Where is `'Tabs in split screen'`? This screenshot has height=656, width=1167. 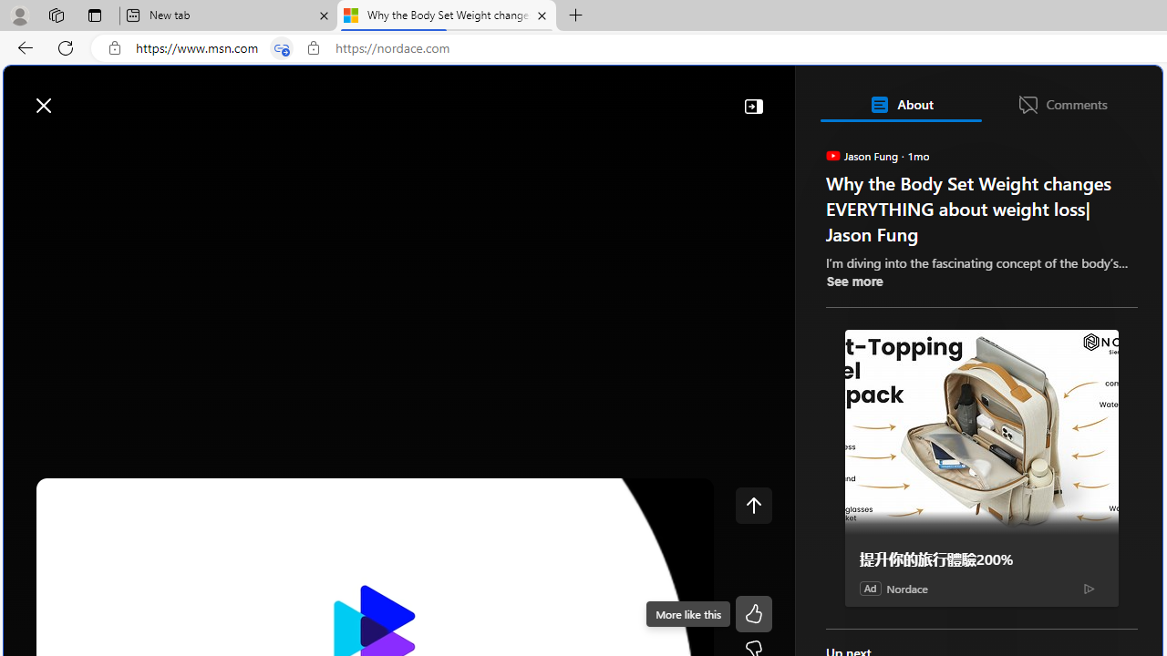
'Tabs in split screen' is located at coordinates (281, 47).